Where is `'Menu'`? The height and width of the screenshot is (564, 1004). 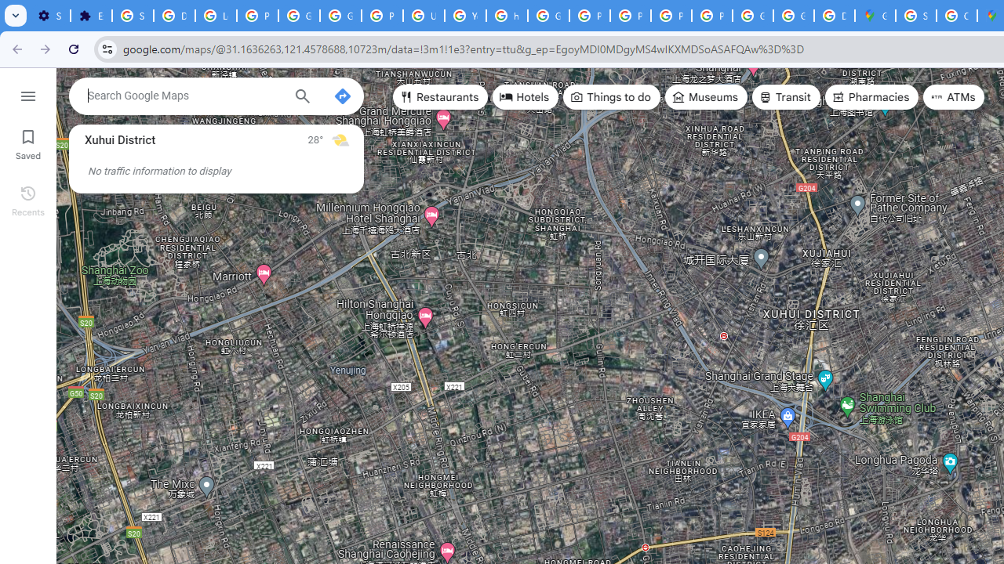
'Menu' is located at coordinates (27, 94).